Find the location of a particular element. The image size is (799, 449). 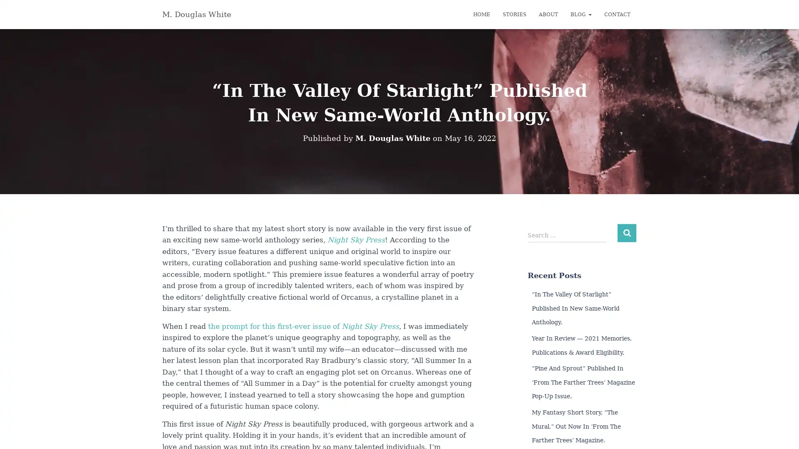

Search is located at coordinates (627, 232).